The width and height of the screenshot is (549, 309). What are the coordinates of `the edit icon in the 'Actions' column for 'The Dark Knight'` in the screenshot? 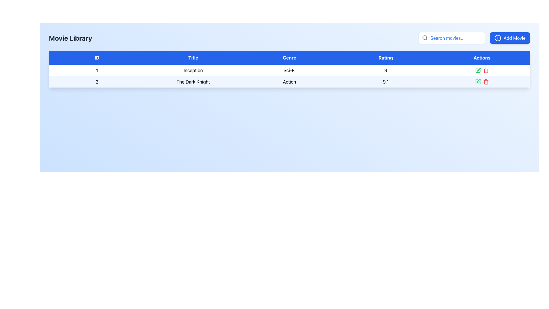 It's located at (478, 82).